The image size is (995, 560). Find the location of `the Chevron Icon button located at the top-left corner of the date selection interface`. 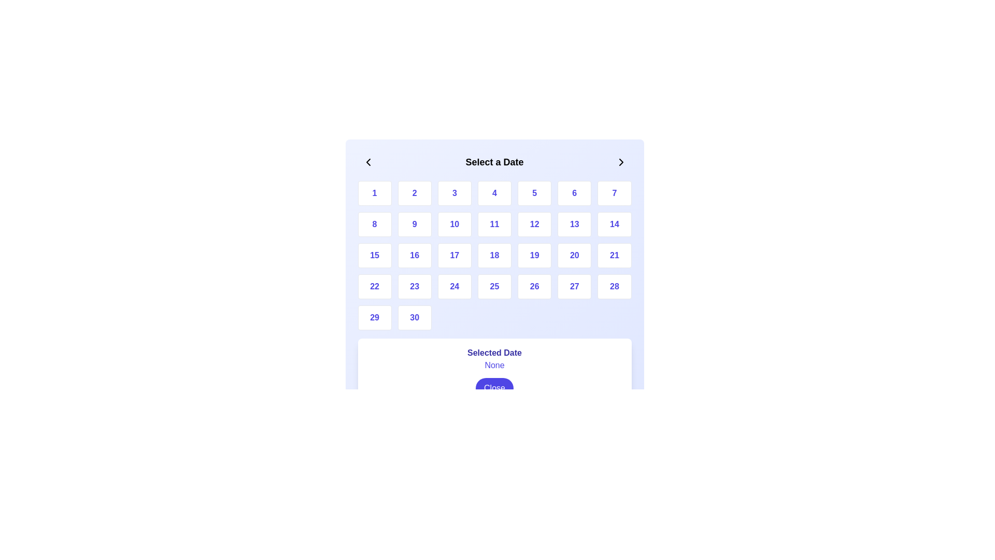

the Chevron Icon button located at the top-left corner of the date selection interface is located at coordinates (368, 162).